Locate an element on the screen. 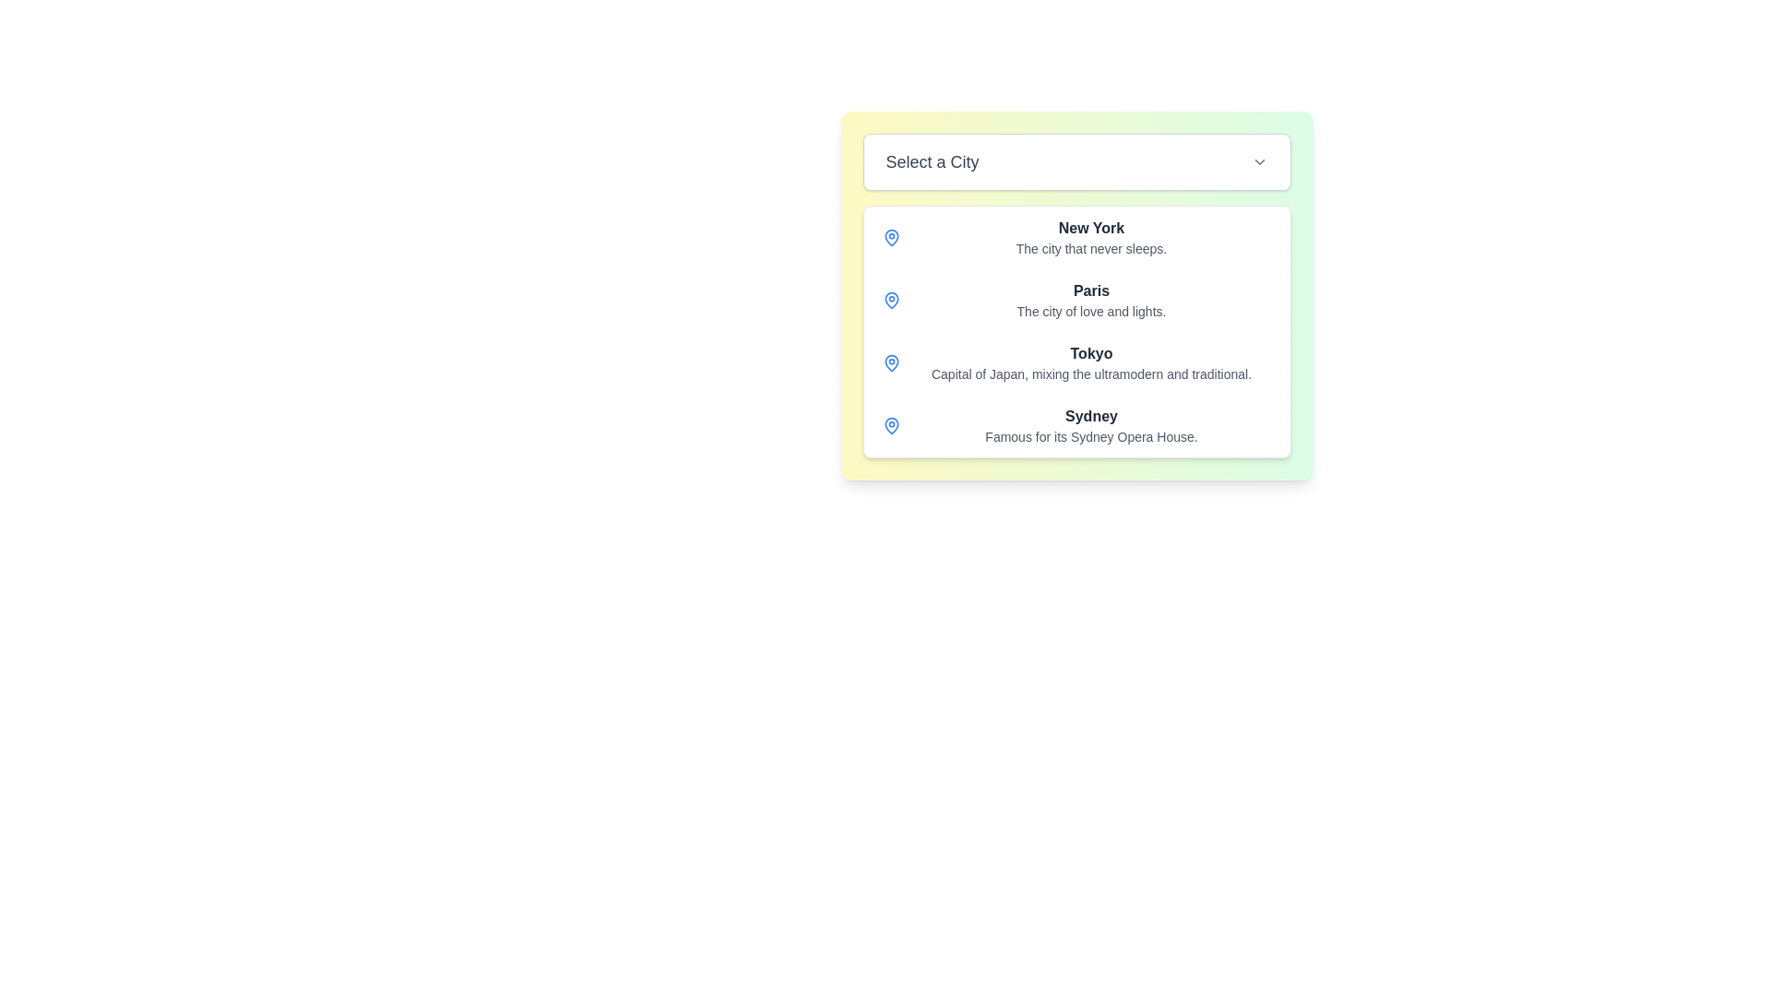 The image size is (1771, 996). the list item displaying 'Tokyo', which includes a bold title and a description is located at coordinates (1076, 362).